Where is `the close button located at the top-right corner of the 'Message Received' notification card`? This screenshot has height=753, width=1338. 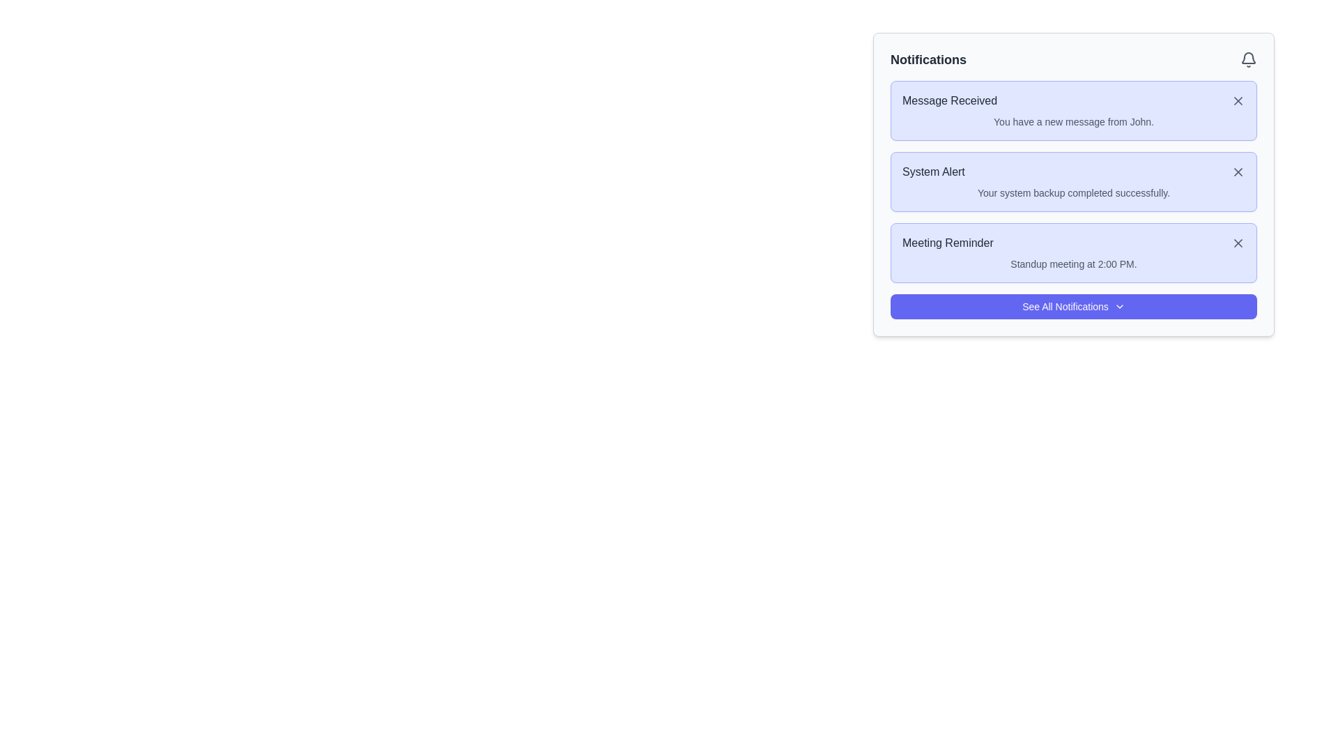 the close button located at the top-right corner of the 'Message Received' notification card is located at coordinates (1238, 100).